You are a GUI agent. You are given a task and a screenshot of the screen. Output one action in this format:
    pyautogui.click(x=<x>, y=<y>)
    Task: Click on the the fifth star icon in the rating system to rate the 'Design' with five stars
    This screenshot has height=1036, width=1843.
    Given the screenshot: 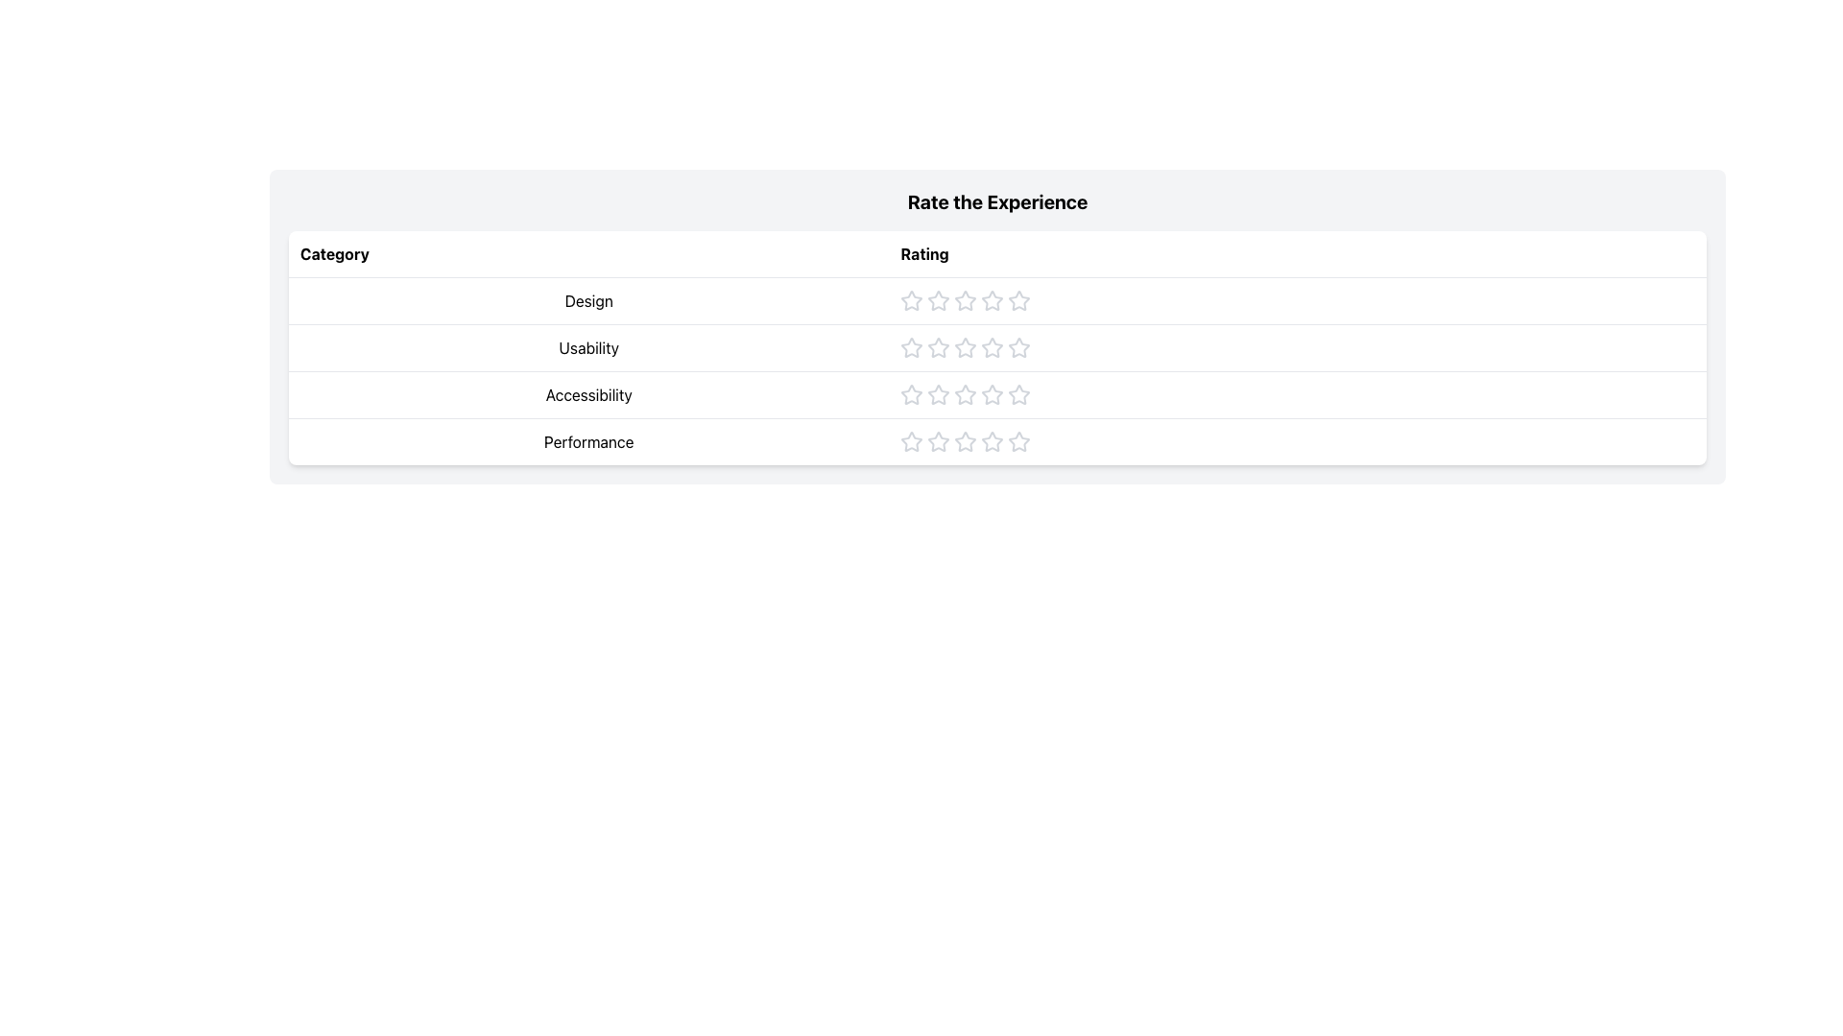 What is the action you would take?
    pyautogui.click(x=1018, y=300)
    